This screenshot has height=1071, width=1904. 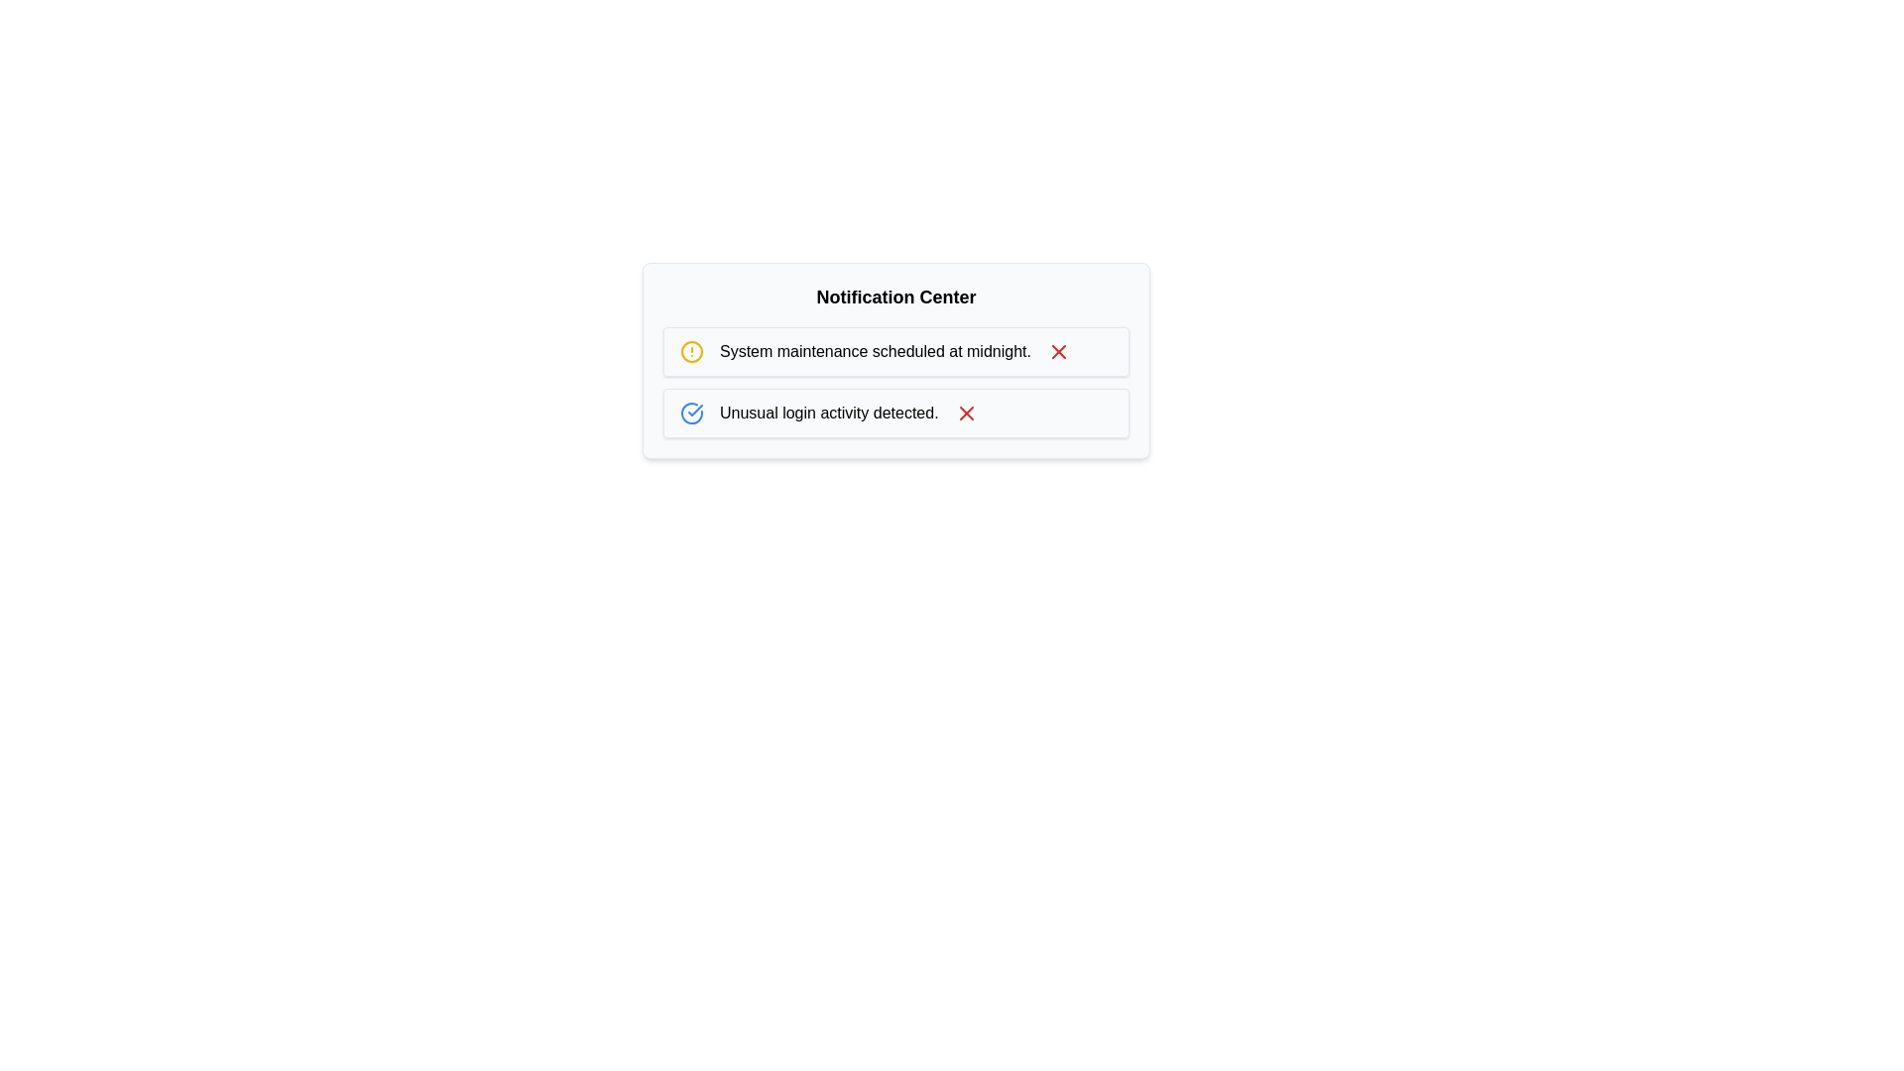 I want to click on the text label that informs the user about detected unusual login activity in the Notification Center, which is the primary content of the second notification, so click(x=829, y=412).